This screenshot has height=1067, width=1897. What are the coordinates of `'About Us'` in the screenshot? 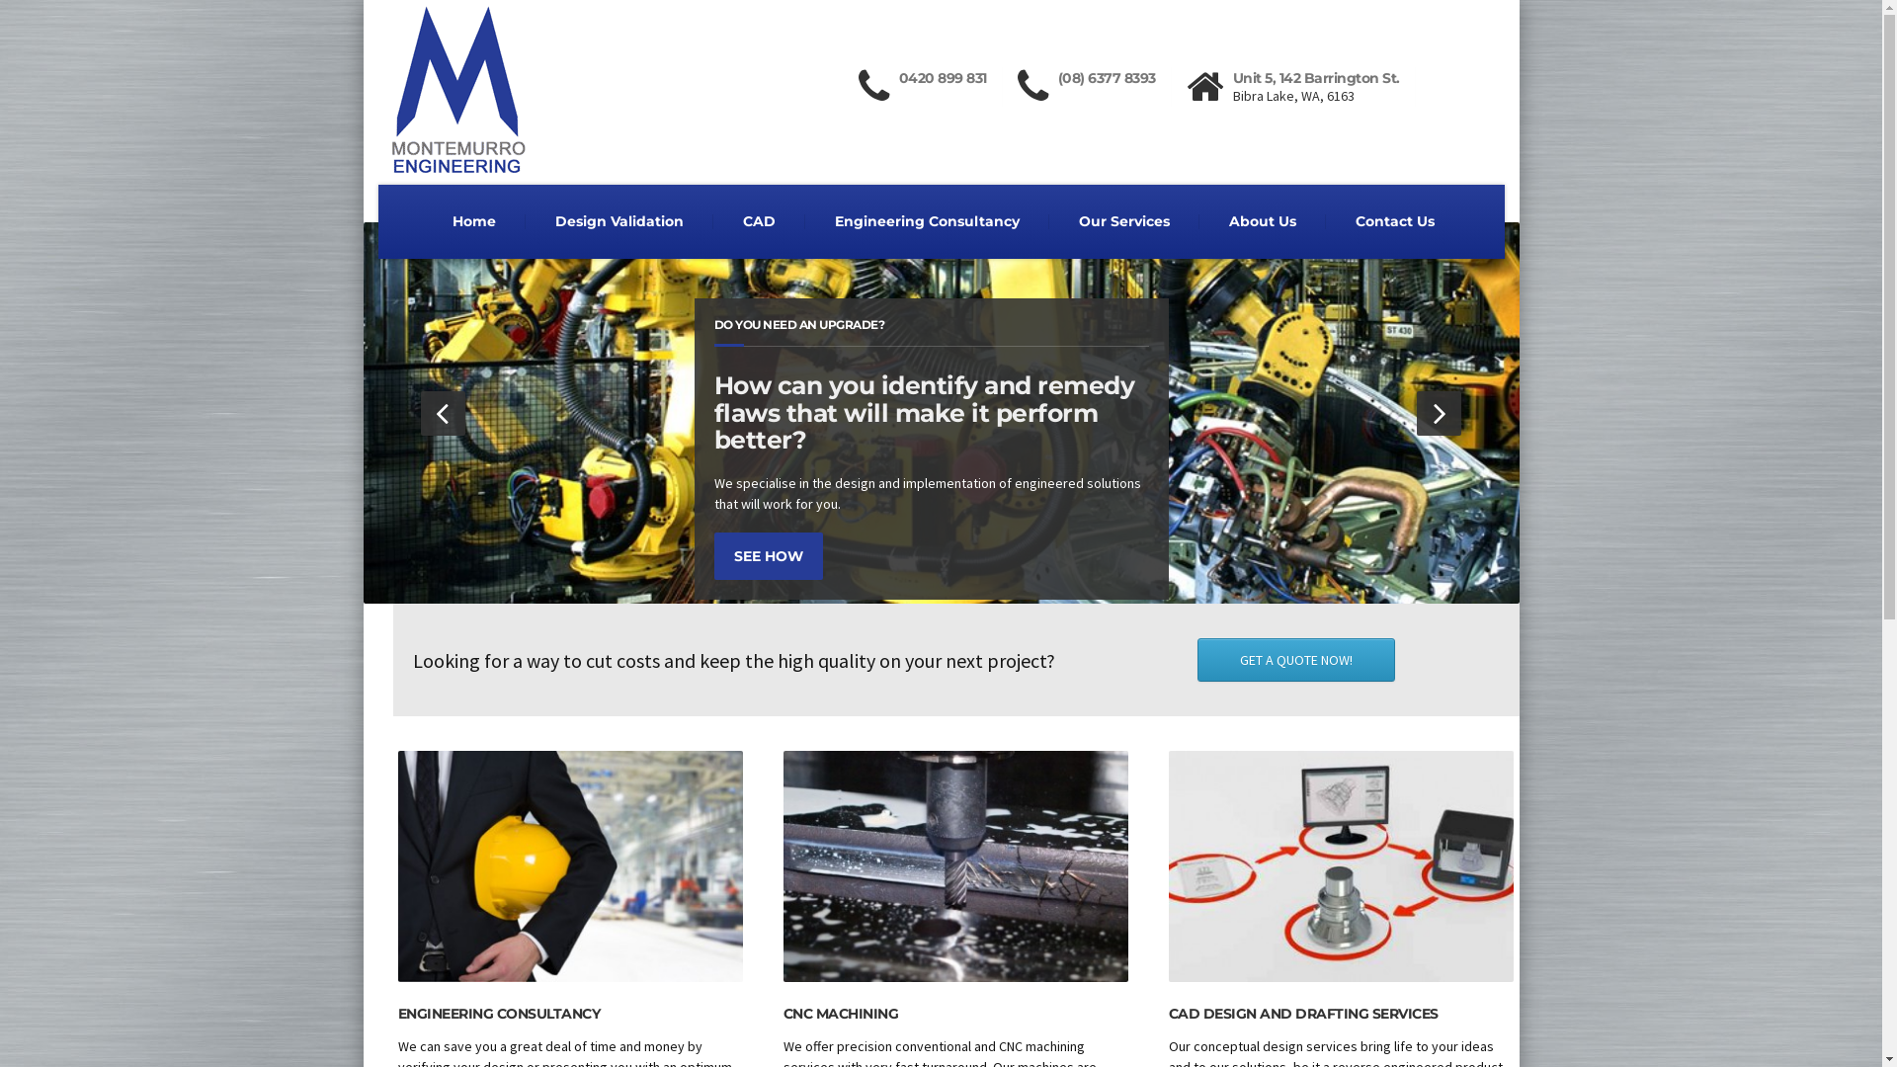 It's located at (1261, 221).